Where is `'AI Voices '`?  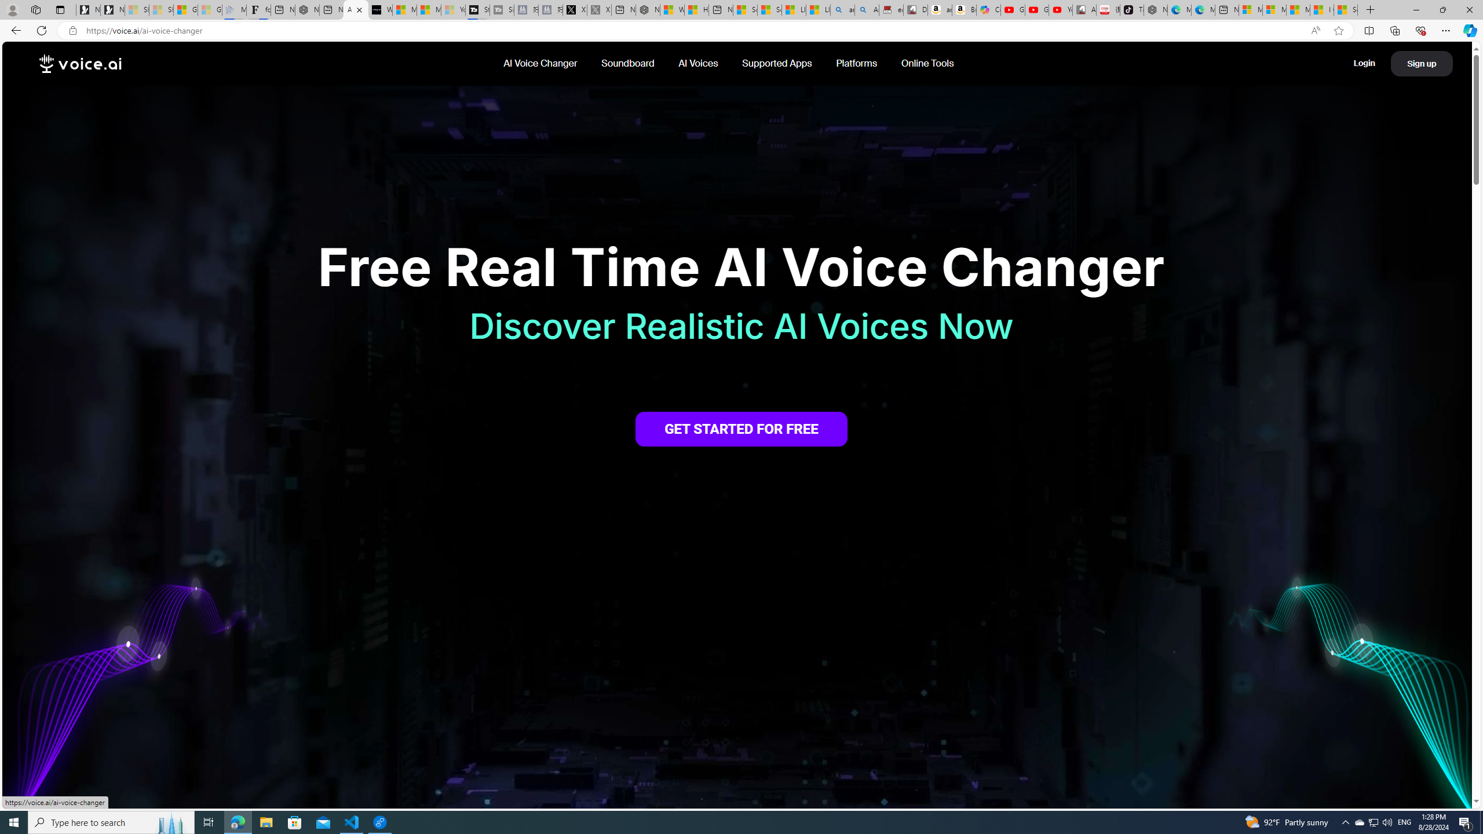 'AI Voices ' is located at coordinates (699, 63).